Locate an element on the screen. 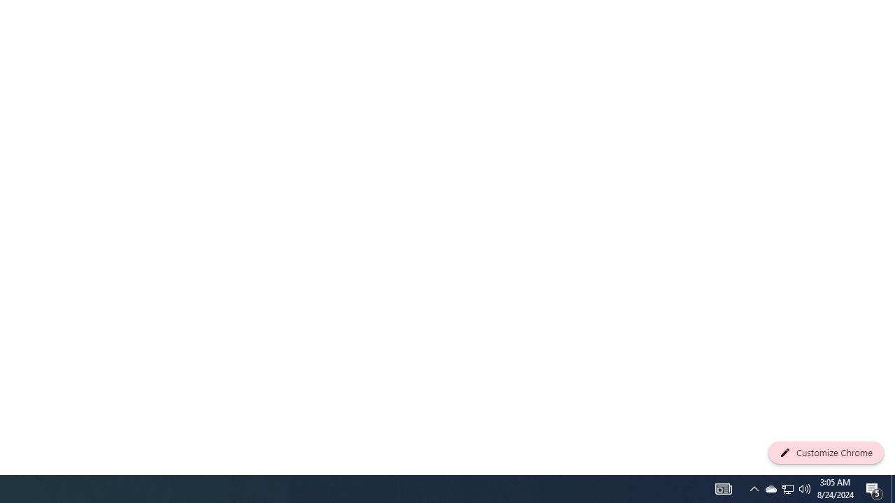  'Customize Chrome' is located at coordinates (826, 453).